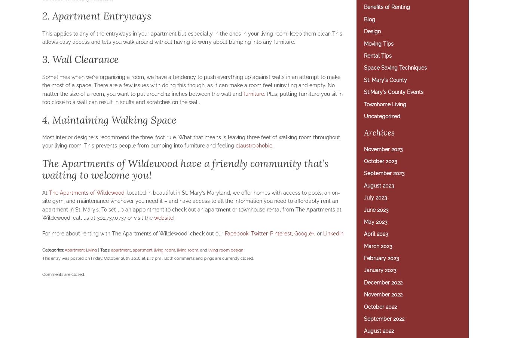 The height and width of the screenshot is (338, 511). Describe the element at coordinates (148, 258) in the screenshot. I see `'This entry was posted on
						Friday, October 26th, 2018						at
						1:47 pm						.
												Both comments and pings are currently closed.'` at that location.